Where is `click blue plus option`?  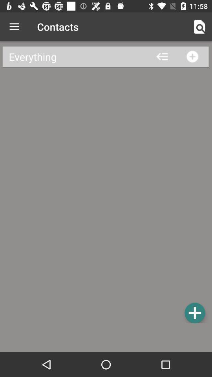
click blue plus option is located at coordinates (194, 313).